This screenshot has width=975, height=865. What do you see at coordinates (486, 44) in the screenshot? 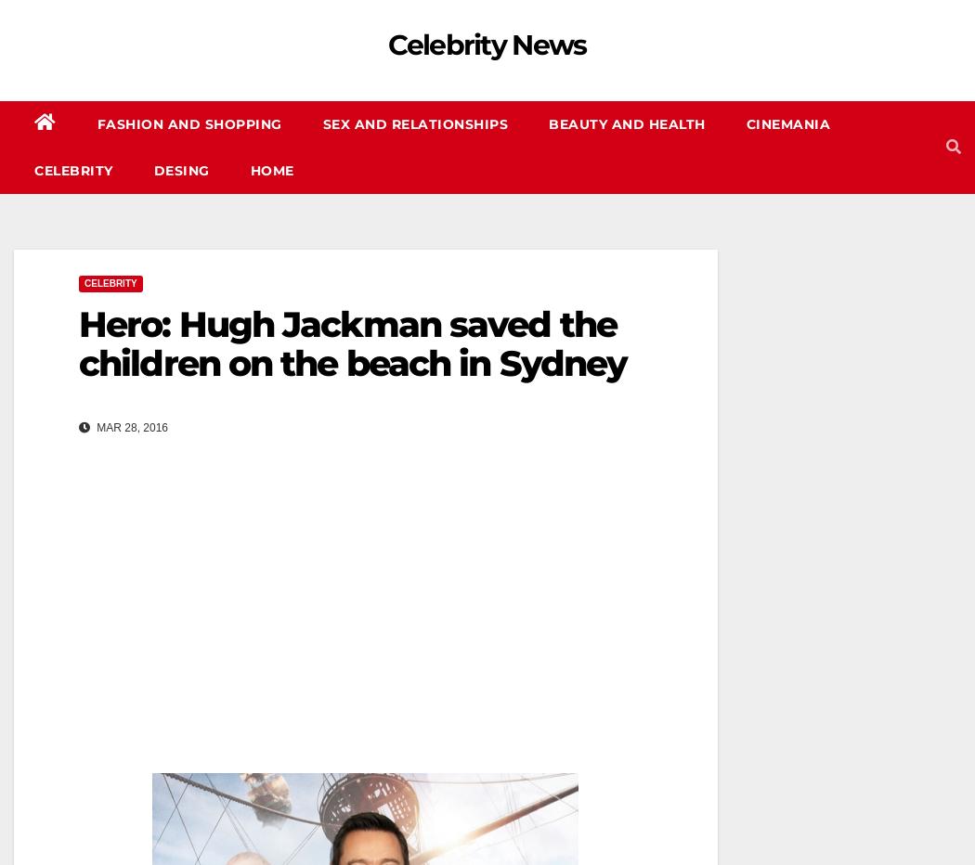
I see `'Celebrity News'` at bounding box center [486, 44].